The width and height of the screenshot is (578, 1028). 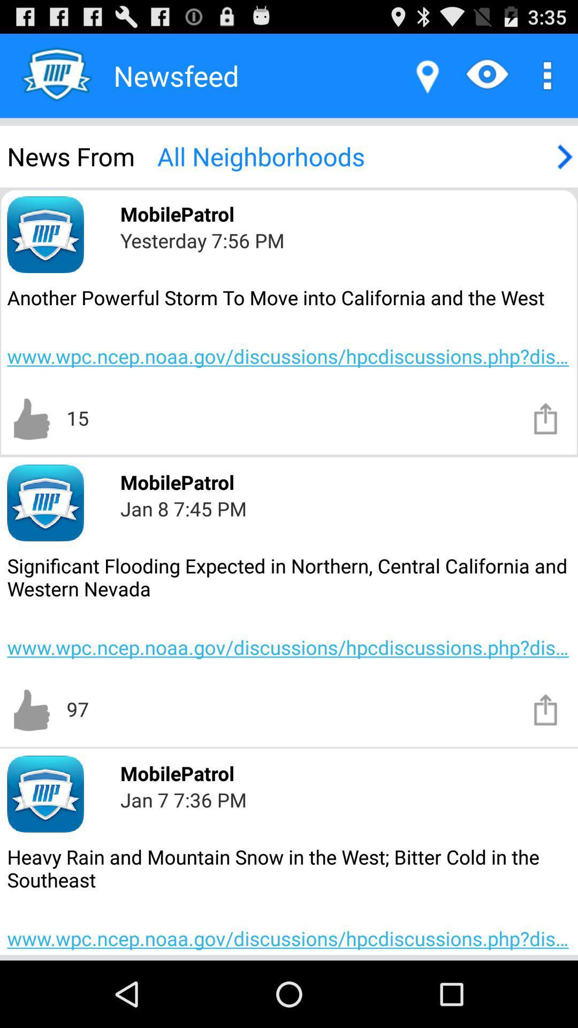 What do you see at coordinates (546, 709) in the screenshot?
I see `share article` at bounding box center [546, 709].